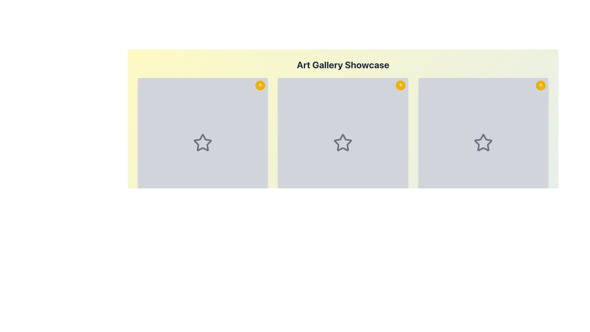 This screenshot has height=332, width=590. What do you see at coordinates (343, 65) in the screenshot?
I see `the text header element with the title 'Art Gallery Showcase', which is prominently displayed in large, bold, dark gray font at the top of the interface` at bounding box center [343, 65].